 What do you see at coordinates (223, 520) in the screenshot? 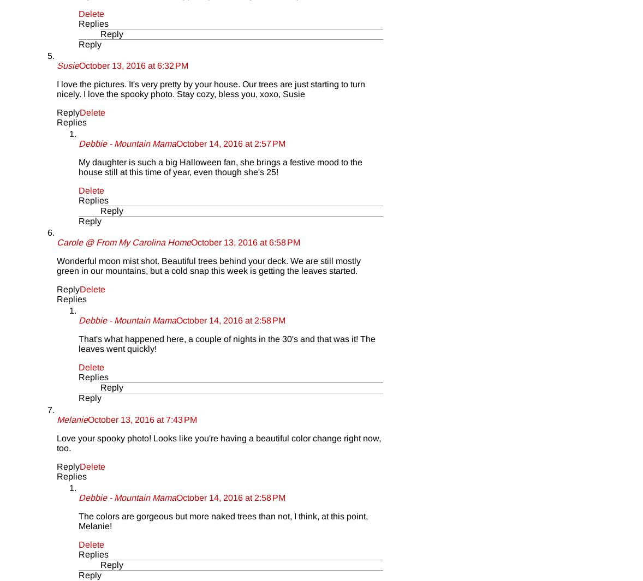
I see `'The colors are gorgeous but more naked trees than not, I think, at this point, Melanie!'` at bounding box center [223, 520].